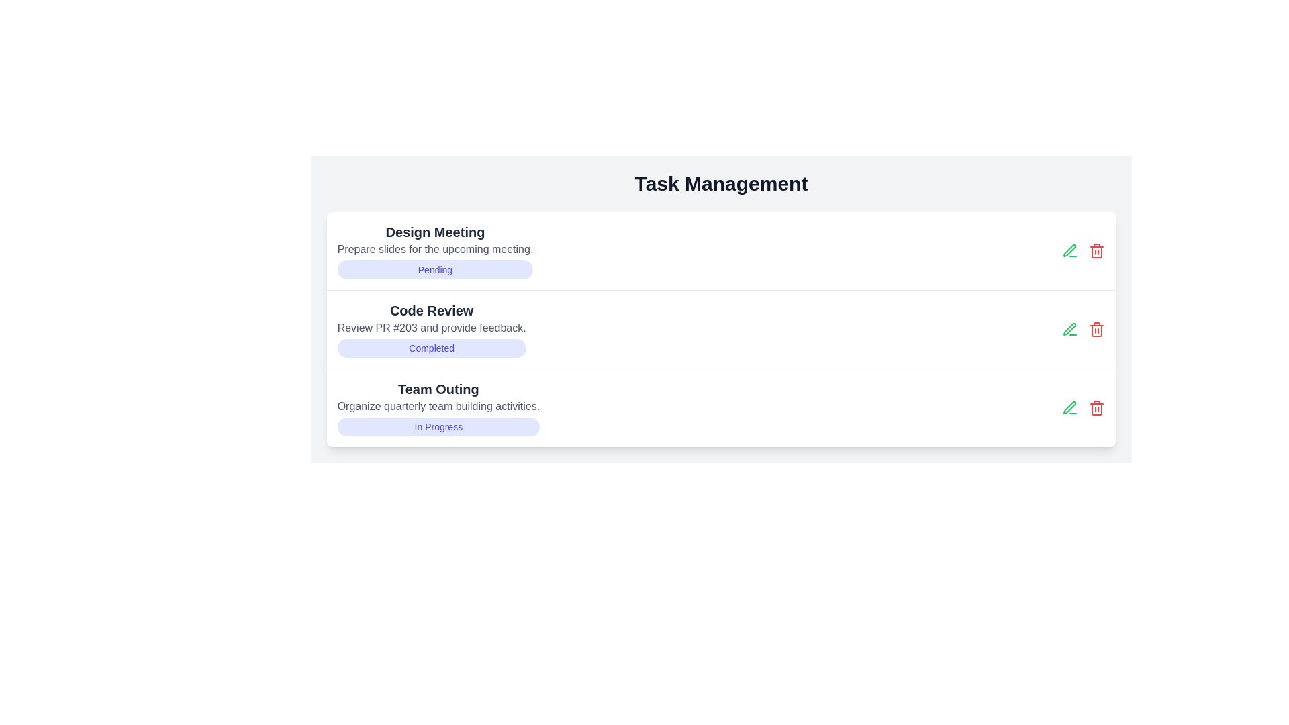 The height and width of the screenshot is (725, 1289). I want to click on the 'Completed' badge in the 'Code Review' section, which has a light indigo background and darker indigo text, indicating task completion, so click(432, 348).